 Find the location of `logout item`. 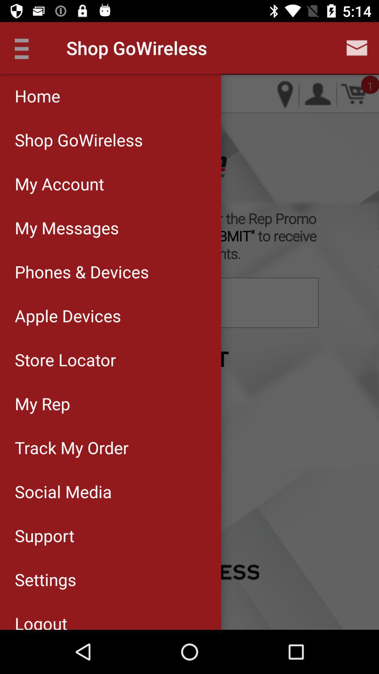

logout item is located at coordinates (111, 615).